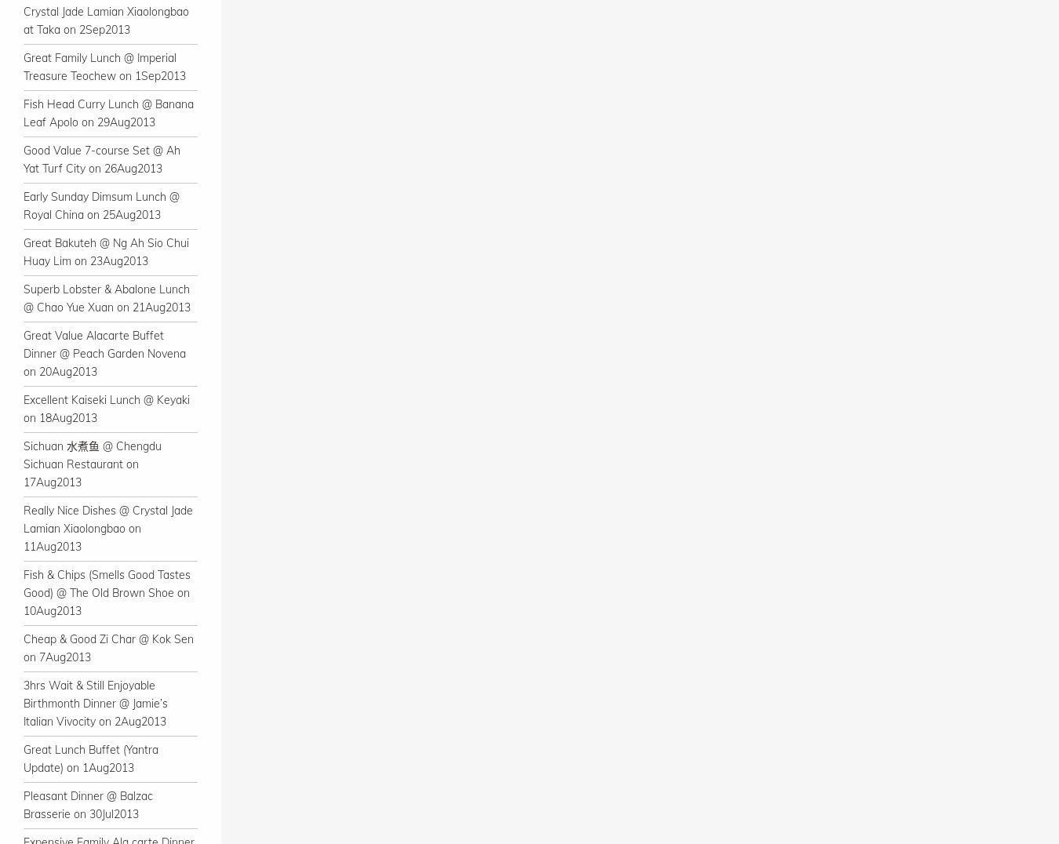 Image resolution: width=1059 pixels, height=844 pixels. I want to click on 'Sichuan 水煮鱼 @ Chengdu Sichuan Restaurant on 17Aug2013', so click(92, 464).